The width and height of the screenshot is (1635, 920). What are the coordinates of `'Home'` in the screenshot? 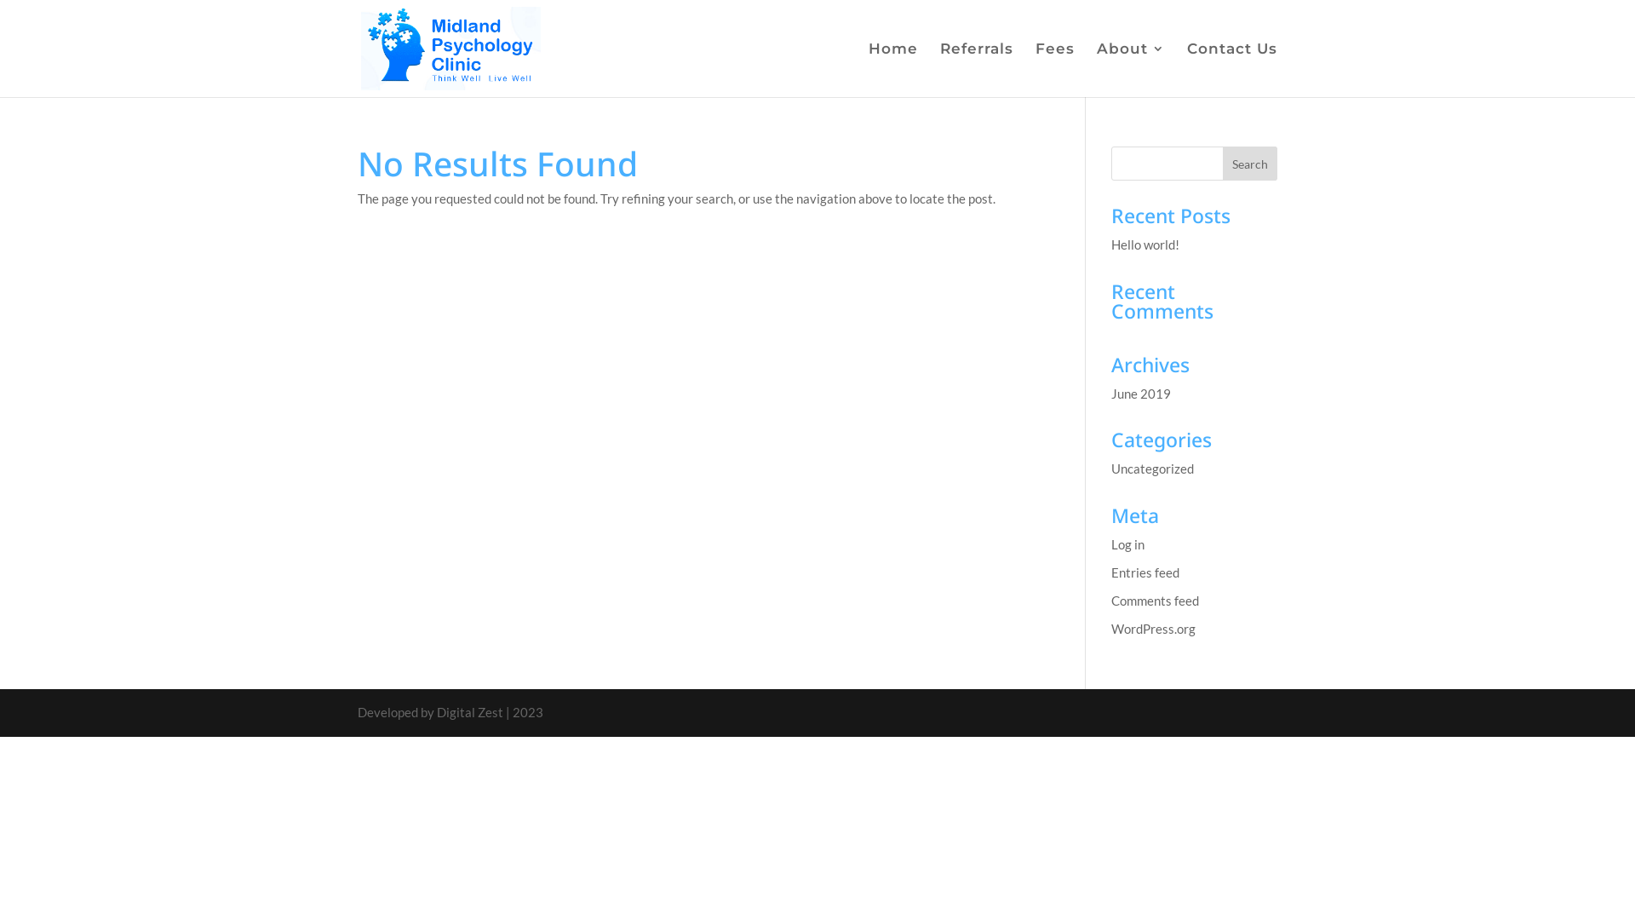 It's located at (868, 68).